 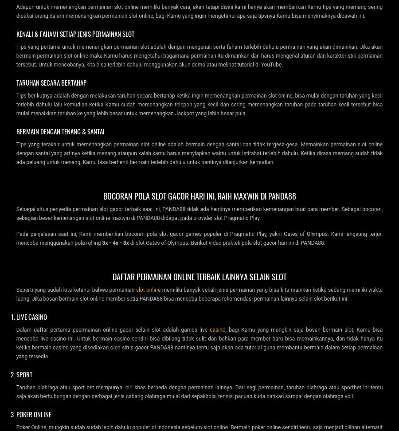 I want to click on 'Seperti yang sudah kita ketahui bahwa permainan', so click(x=76, y=289).